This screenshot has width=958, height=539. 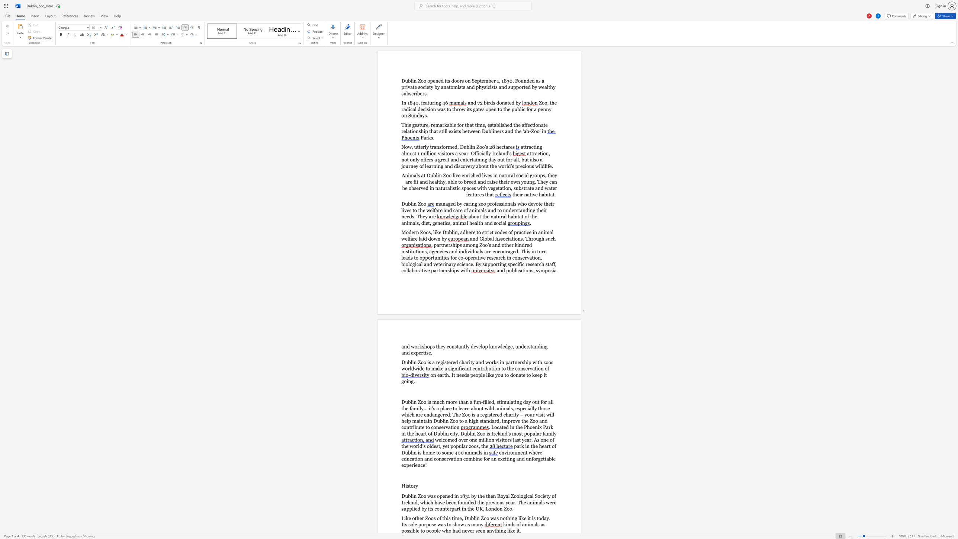 I want to click on the subset text "ns. Through s" within the text "and Global Associations. Through such", so click(x=517, y=238).